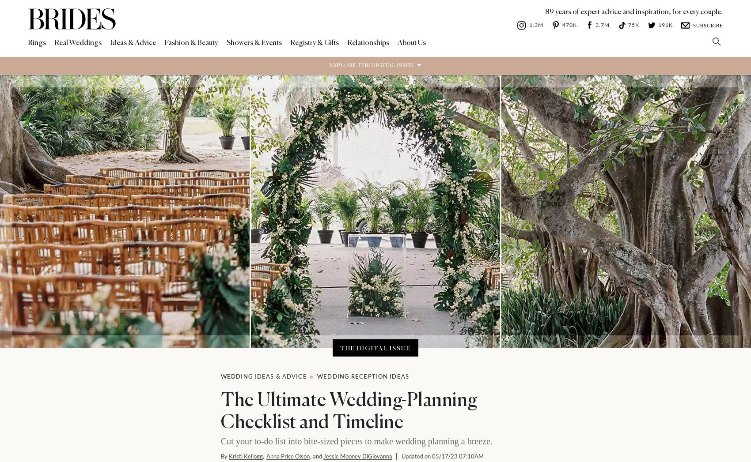  Describe the element at coordinates (461, 417) in the screenshot. I see `'Wedding Party Roles and Responsibilities, Explained'` at that location.